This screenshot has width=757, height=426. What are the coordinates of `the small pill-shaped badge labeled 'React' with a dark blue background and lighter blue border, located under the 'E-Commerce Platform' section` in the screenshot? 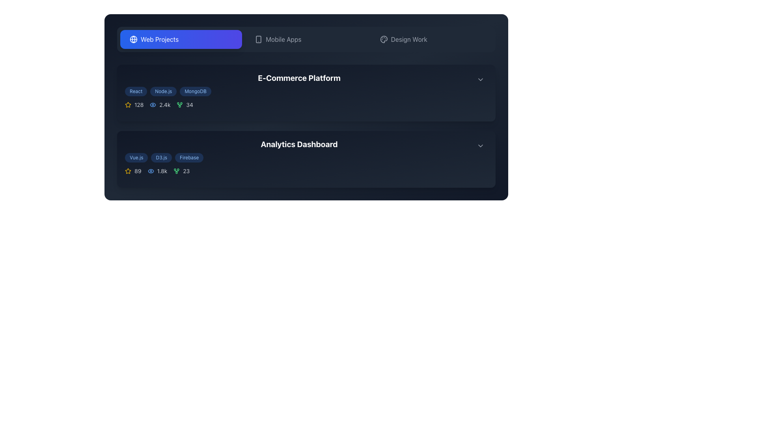 It's located at (136, 91).